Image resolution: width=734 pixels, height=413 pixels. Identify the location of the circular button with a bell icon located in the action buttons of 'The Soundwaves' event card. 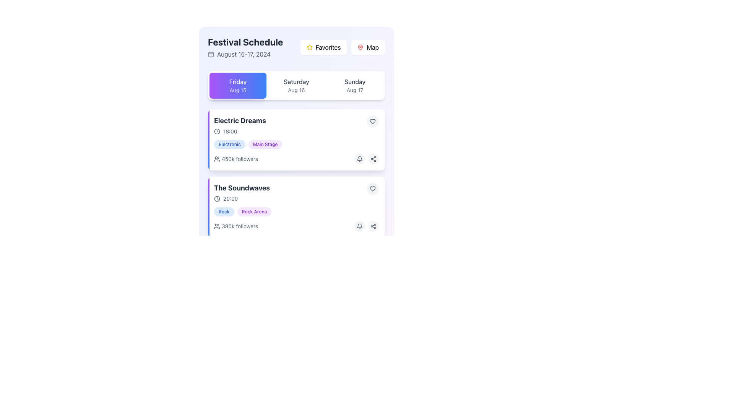
(359, 226).